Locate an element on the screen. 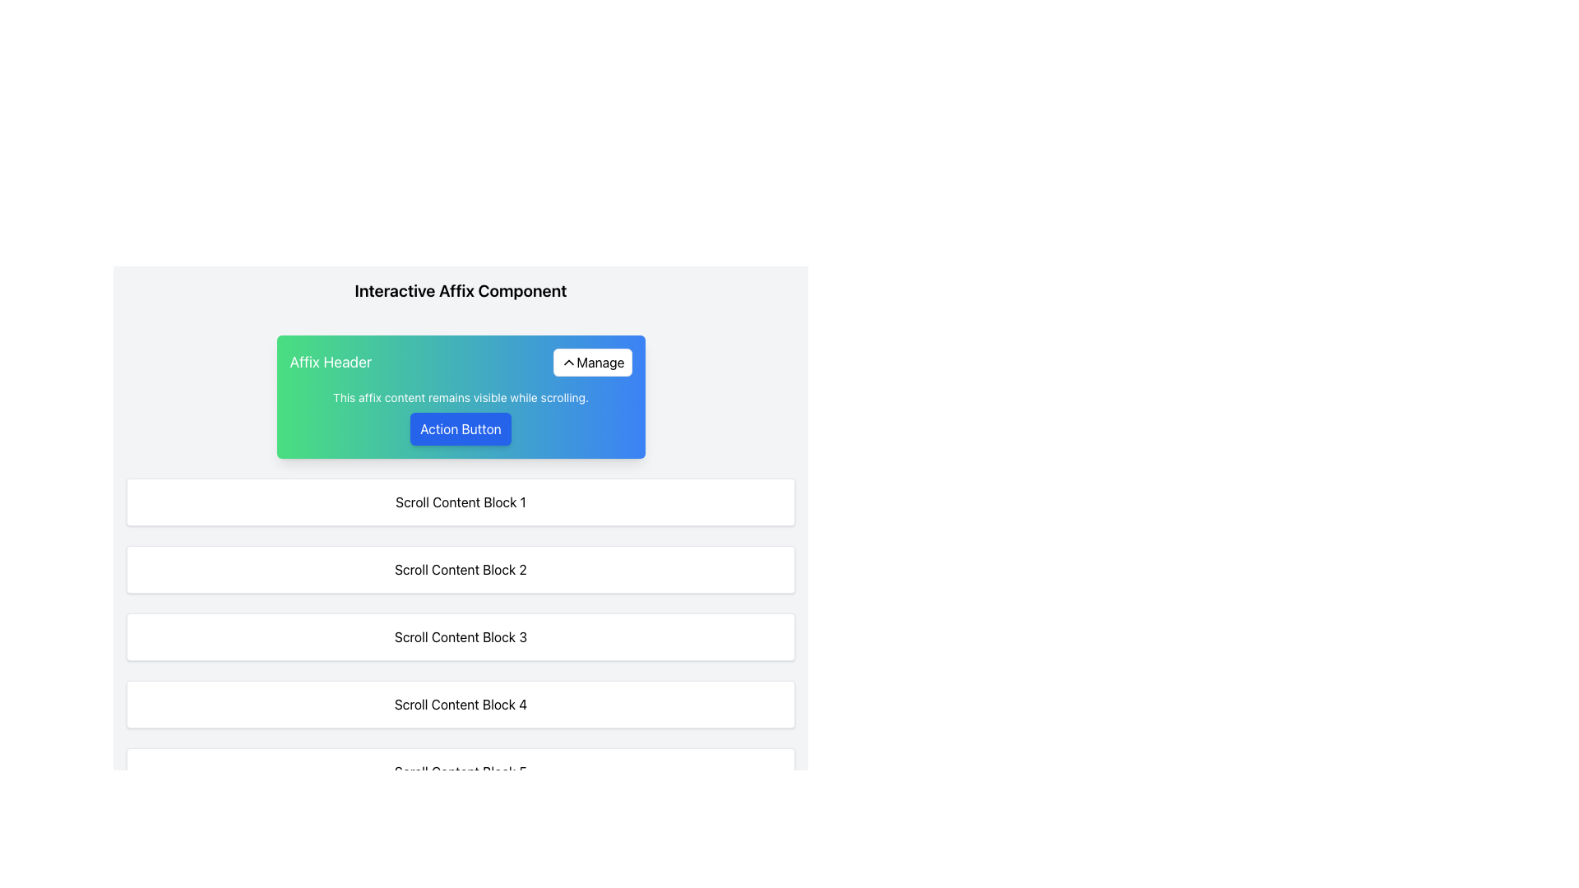 Image resolution: width=1579 pixels, height=888 pixels. the fifth static content block in the vertical list, positioned below 'Scroll Content Block 4' and above 'Scroll Content Block 6' is located at coordinates (461, 771).